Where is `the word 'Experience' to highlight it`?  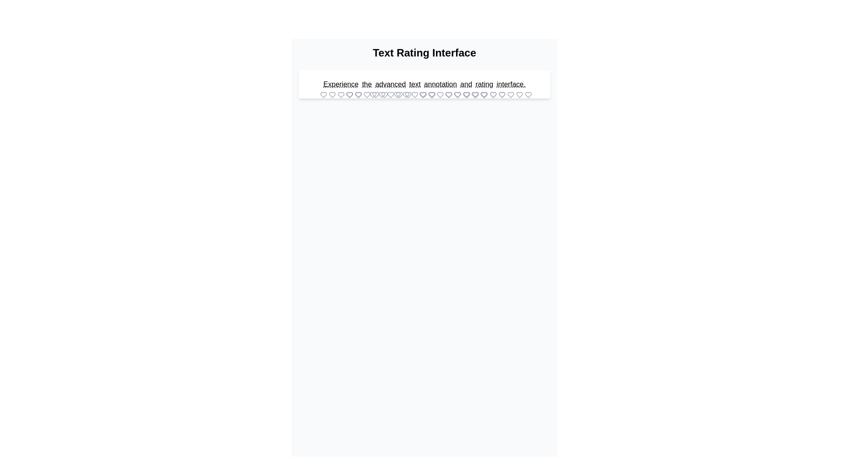
the word 'Experience' to highlight it is located at coordinates (340, 84).